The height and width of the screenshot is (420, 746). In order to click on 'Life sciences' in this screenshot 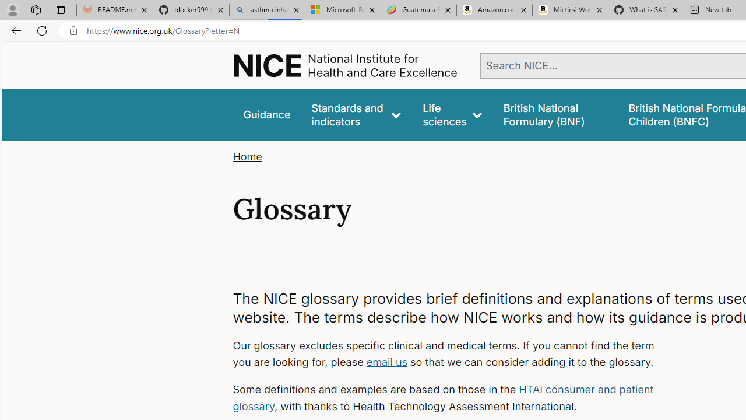, I will do `click(452, 115)`.